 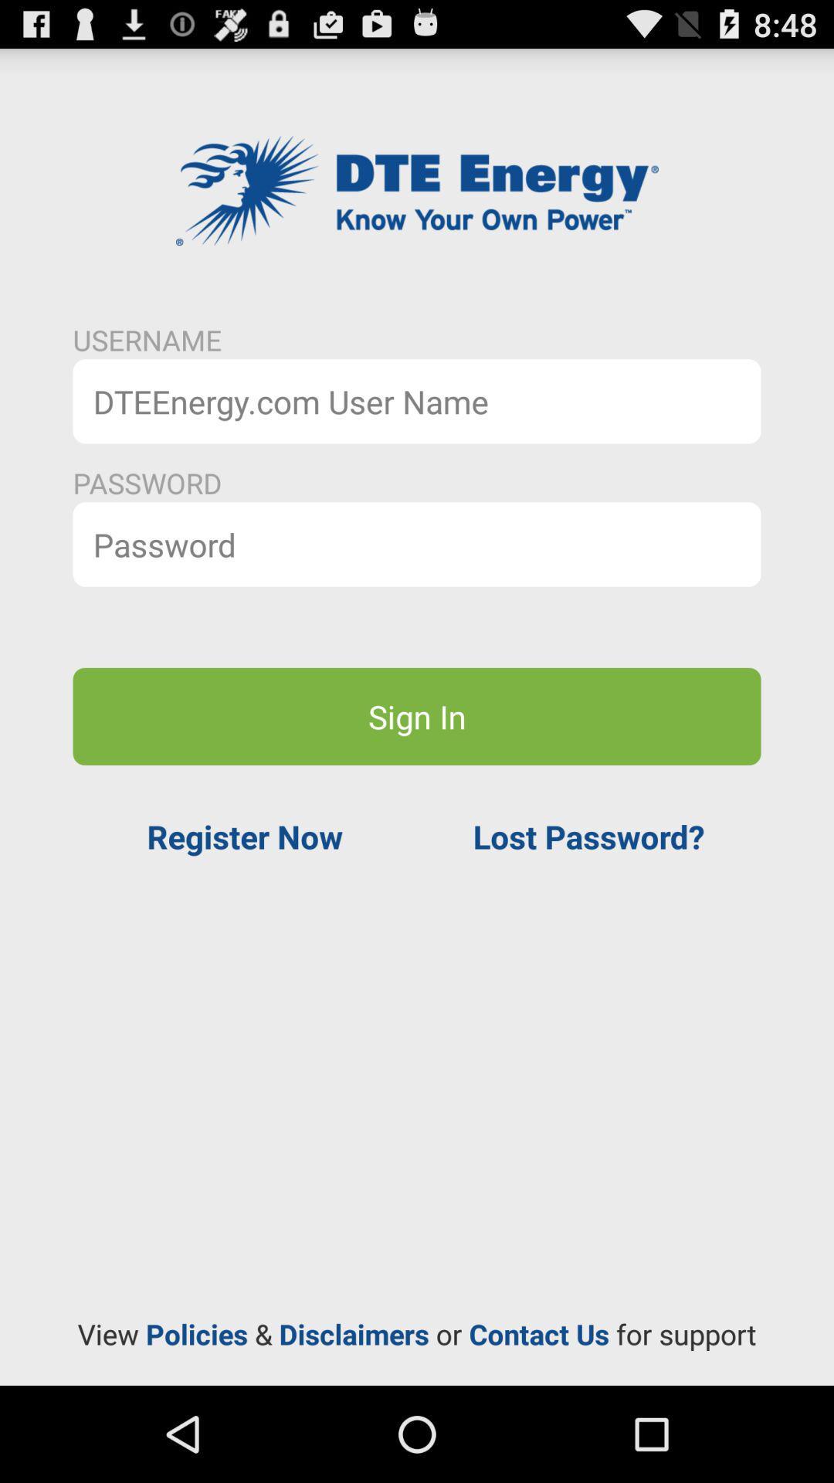 What do you see at coordinates (244, 836) in the screenshot?
I see `item above view policies disclaimers app` at bounding box center [244, 836].